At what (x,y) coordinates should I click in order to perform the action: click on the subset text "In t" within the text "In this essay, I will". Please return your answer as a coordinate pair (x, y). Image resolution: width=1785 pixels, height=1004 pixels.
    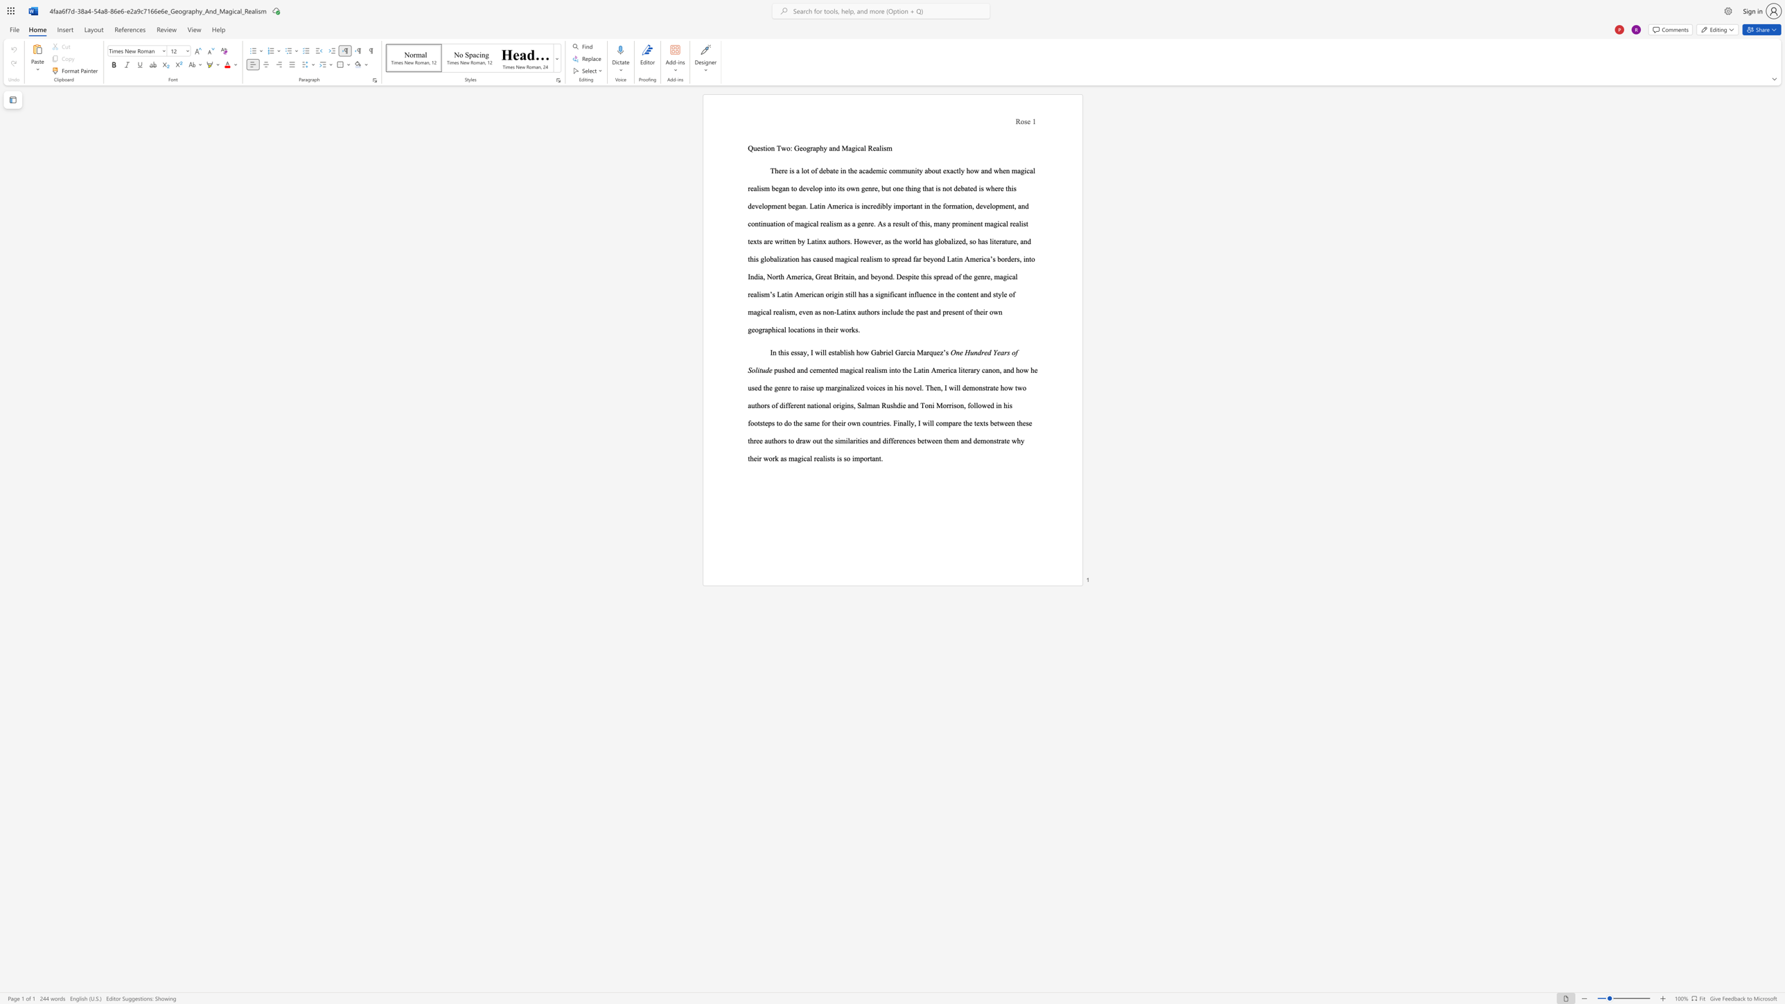
    Looking at the image, I should click on (770, 352).